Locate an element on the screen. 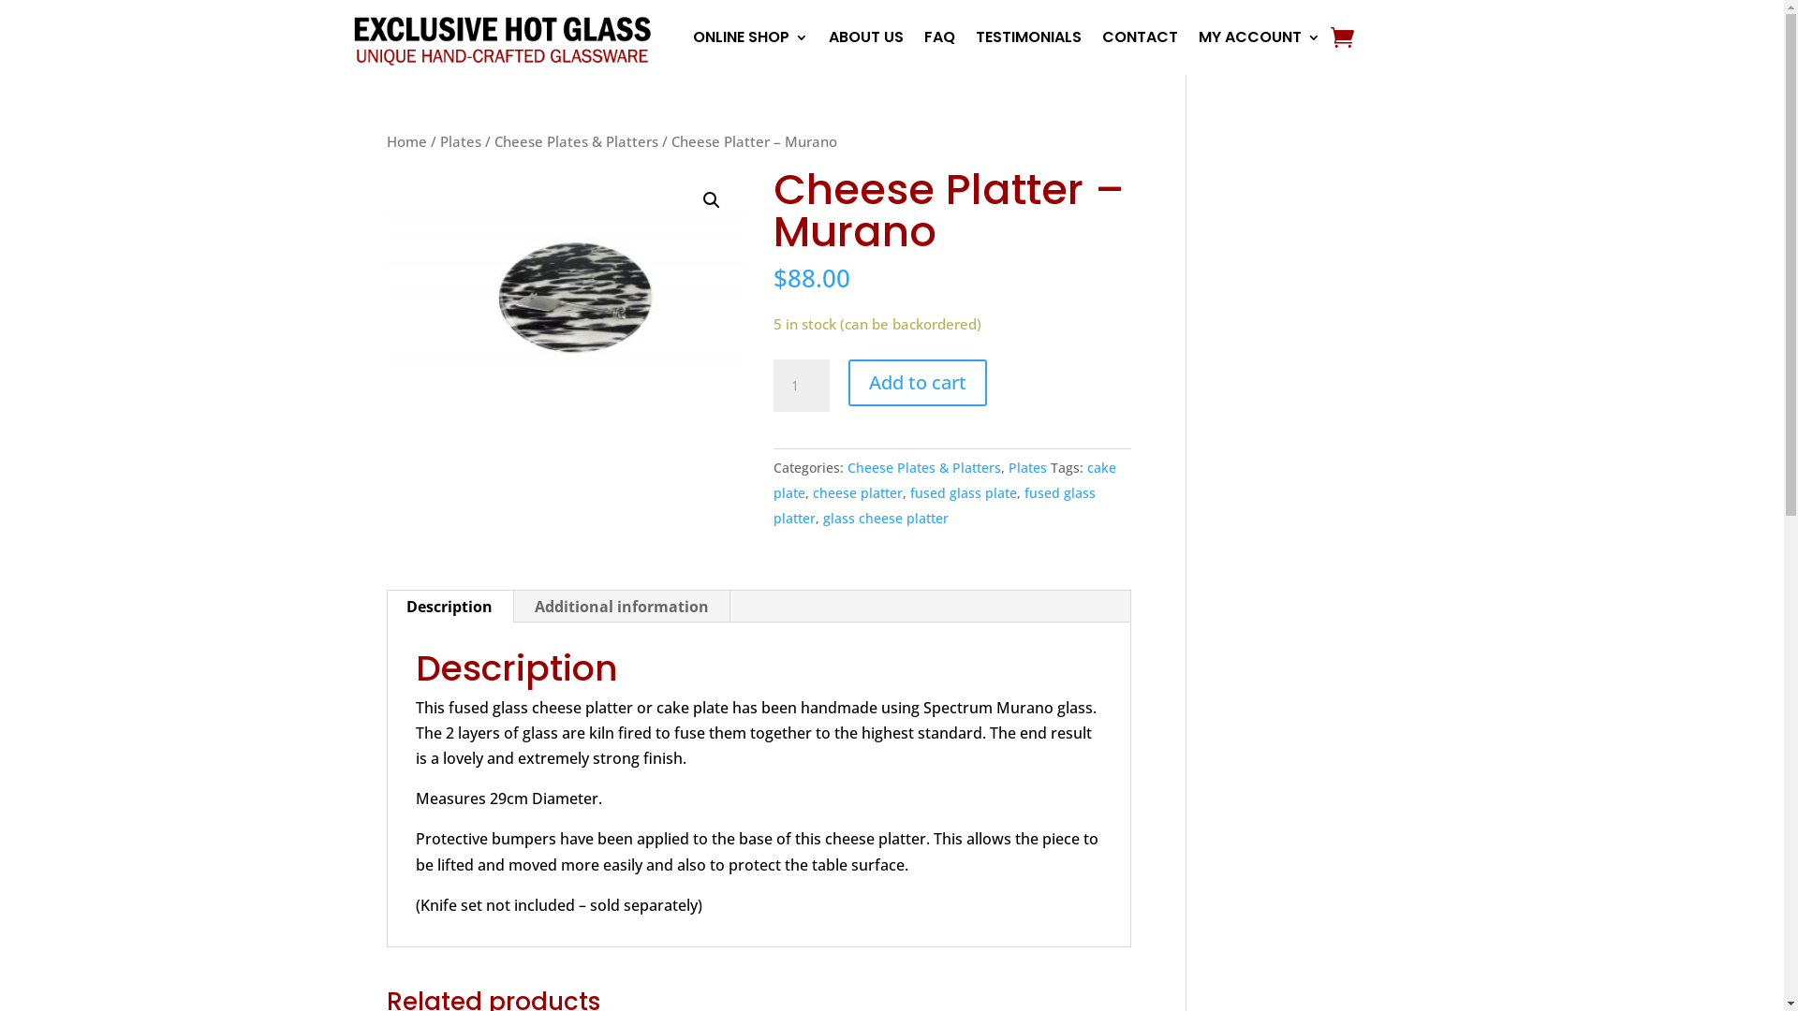 The image size is (1798, 1011). 'Additional information' is located at coordinates (620, 607).